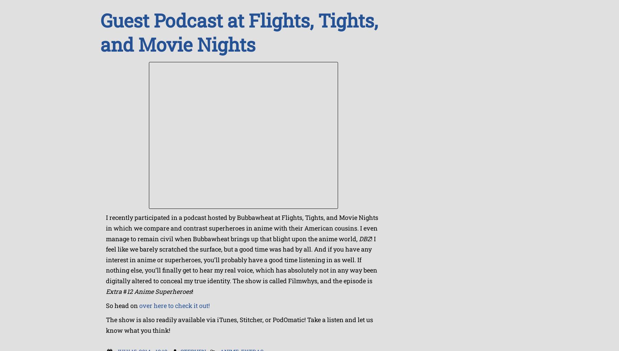  What do you see at coordinates (105, 305) in the screenshot?
I see `'So head on'` at bounding box center [105, 305].